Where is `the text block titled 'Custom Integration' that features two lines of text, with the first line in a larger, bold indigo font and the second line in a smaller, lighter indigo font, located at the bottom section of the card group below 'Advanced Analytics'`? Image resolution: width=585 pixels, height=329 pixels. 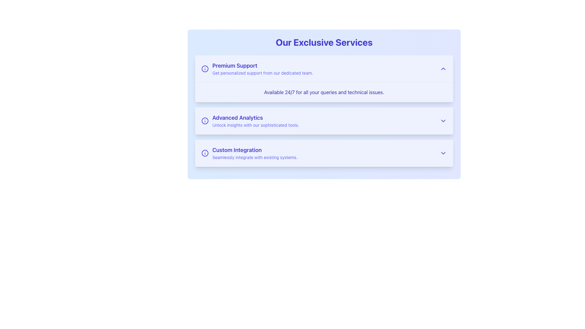 the text block titled 'Custom Integration' that features two lines of text, with the first line in a larger, bold indigo font and the second line in a smaller, lighter indigo font, located at the bottom section of the card group below 'Advanced Analytics' is located at coordinates (255, 153).